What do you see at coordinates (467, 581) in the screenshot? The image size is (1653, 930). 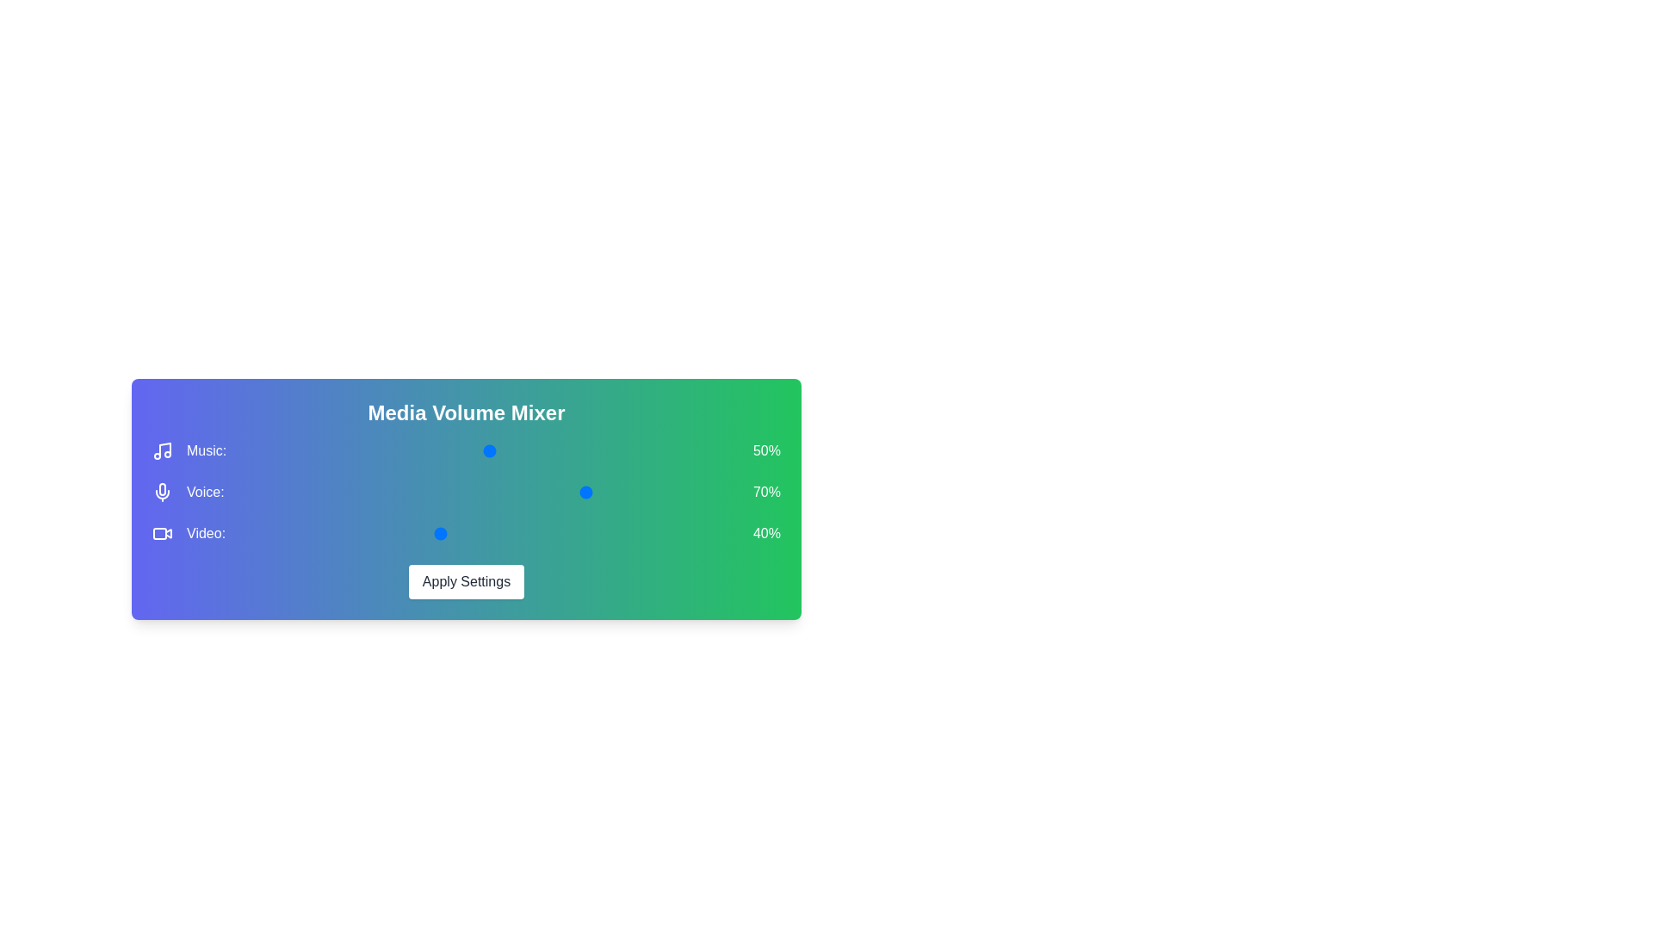 I see `the 'Apply Settings' button to confirm changes` at bounding box center [467, 581].